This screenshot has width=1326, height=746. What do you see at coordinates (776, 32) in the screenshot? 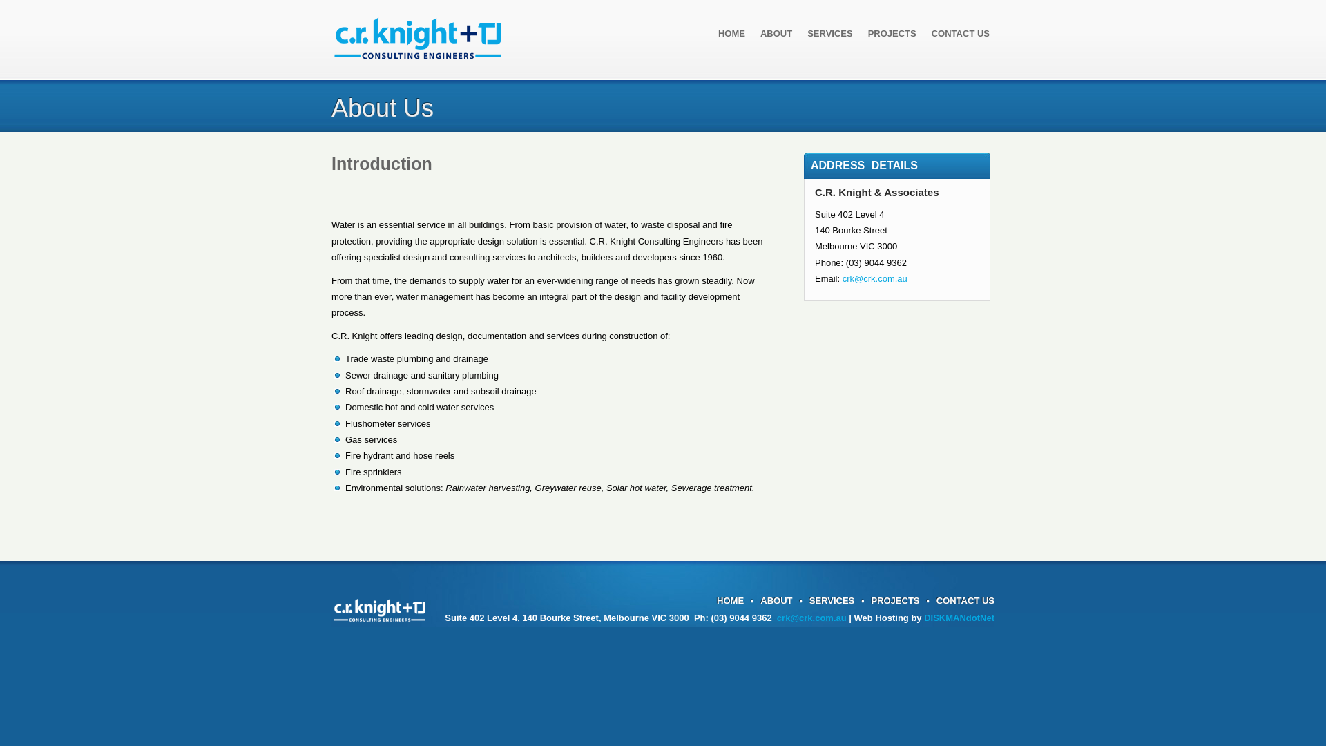
I see `'ABOUT'` at bounding box center [776, 32].